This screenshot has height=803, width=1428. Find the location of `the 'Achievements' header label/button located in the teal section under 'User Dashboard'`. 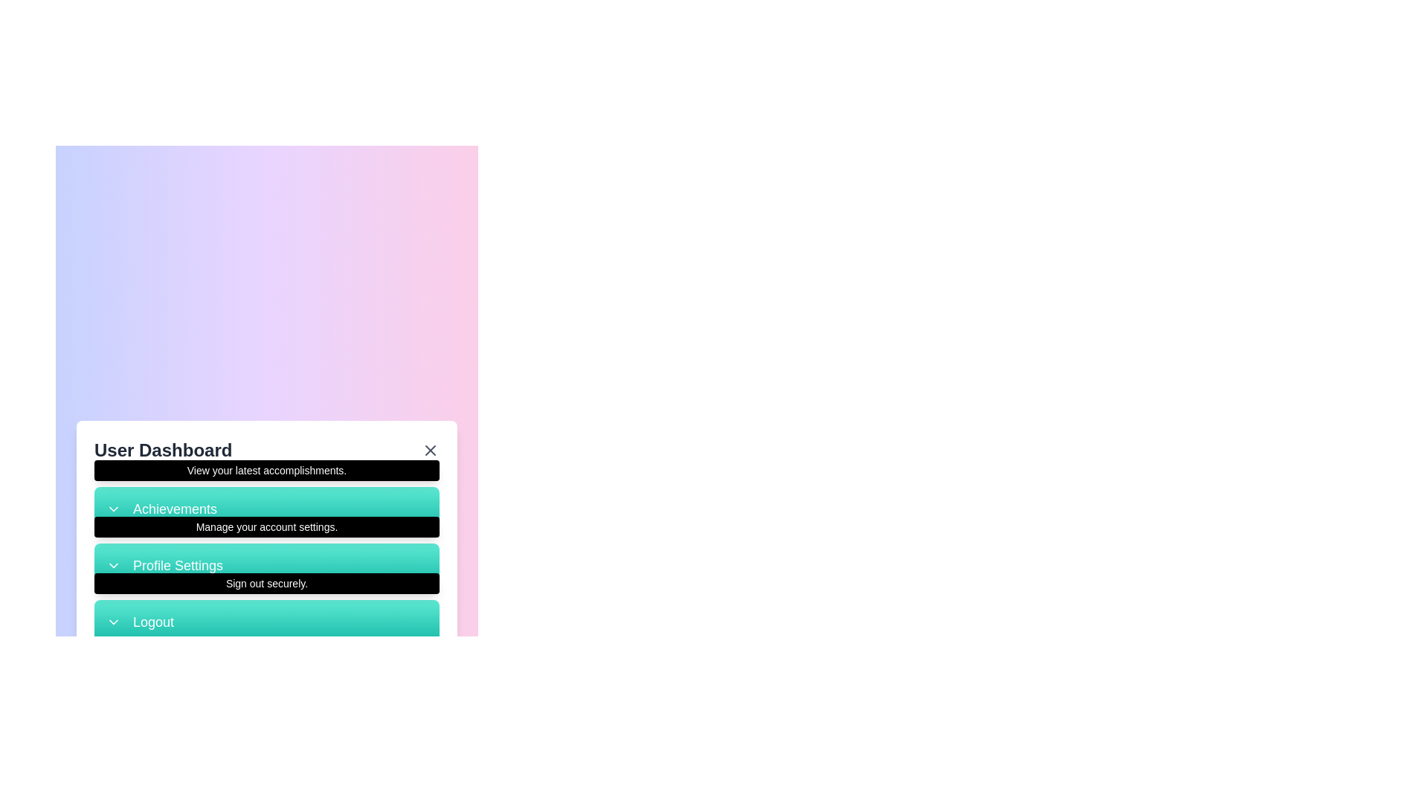

the 'Achievements' header label/button located in the teal section under 'User Dashboard' is located at coordinates (267, 507).